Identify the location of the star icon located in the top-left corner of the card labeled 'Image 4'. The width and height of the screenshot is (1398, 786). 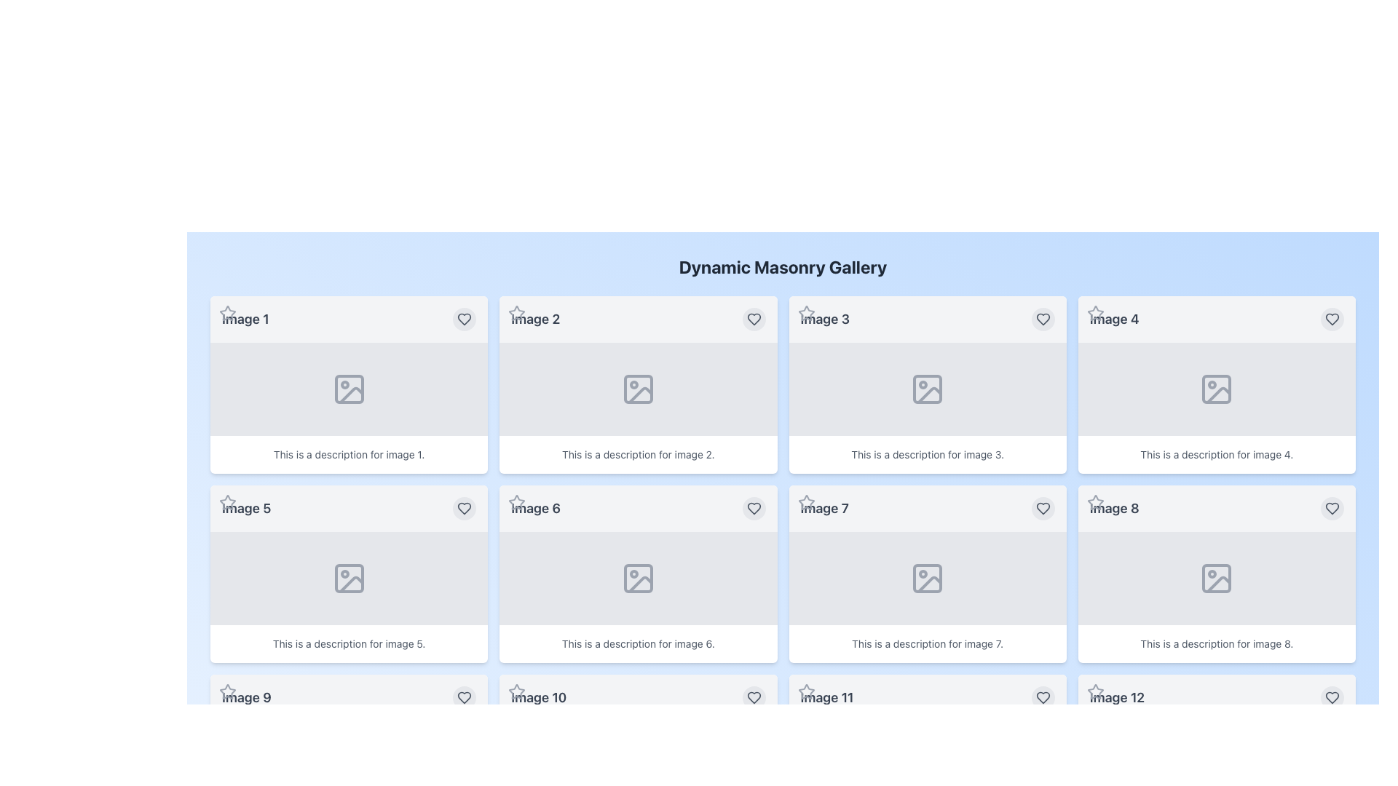
(1095, 313).